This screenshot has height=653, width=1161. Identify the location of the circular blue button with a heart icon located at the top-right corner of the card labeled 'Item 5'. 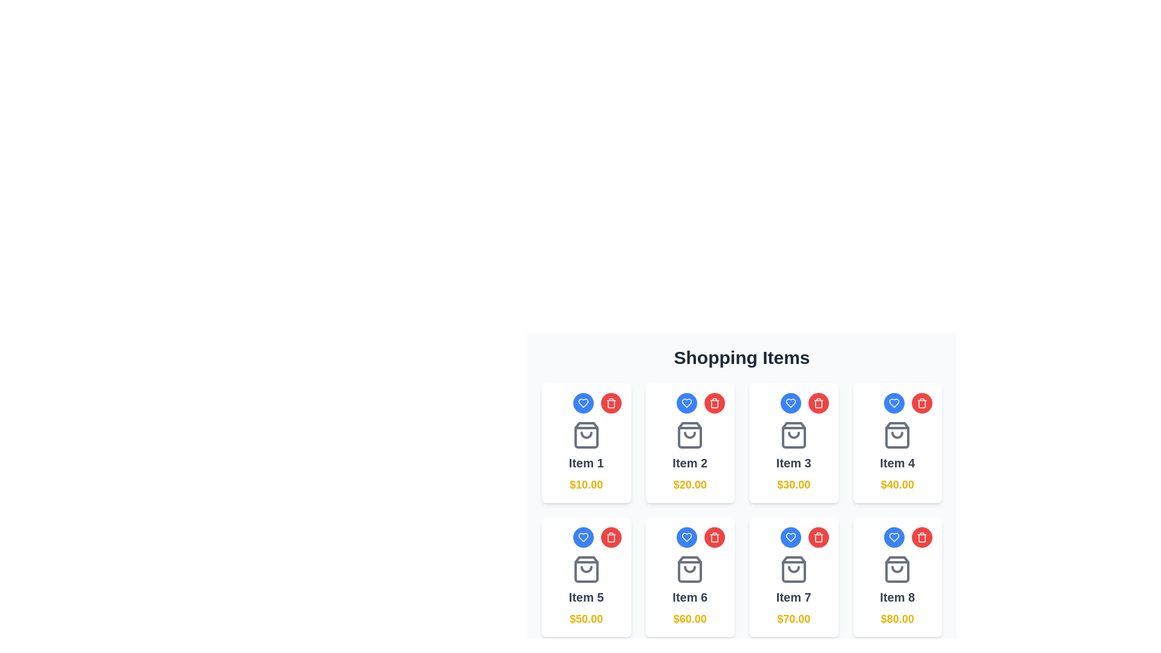
(583, 536).